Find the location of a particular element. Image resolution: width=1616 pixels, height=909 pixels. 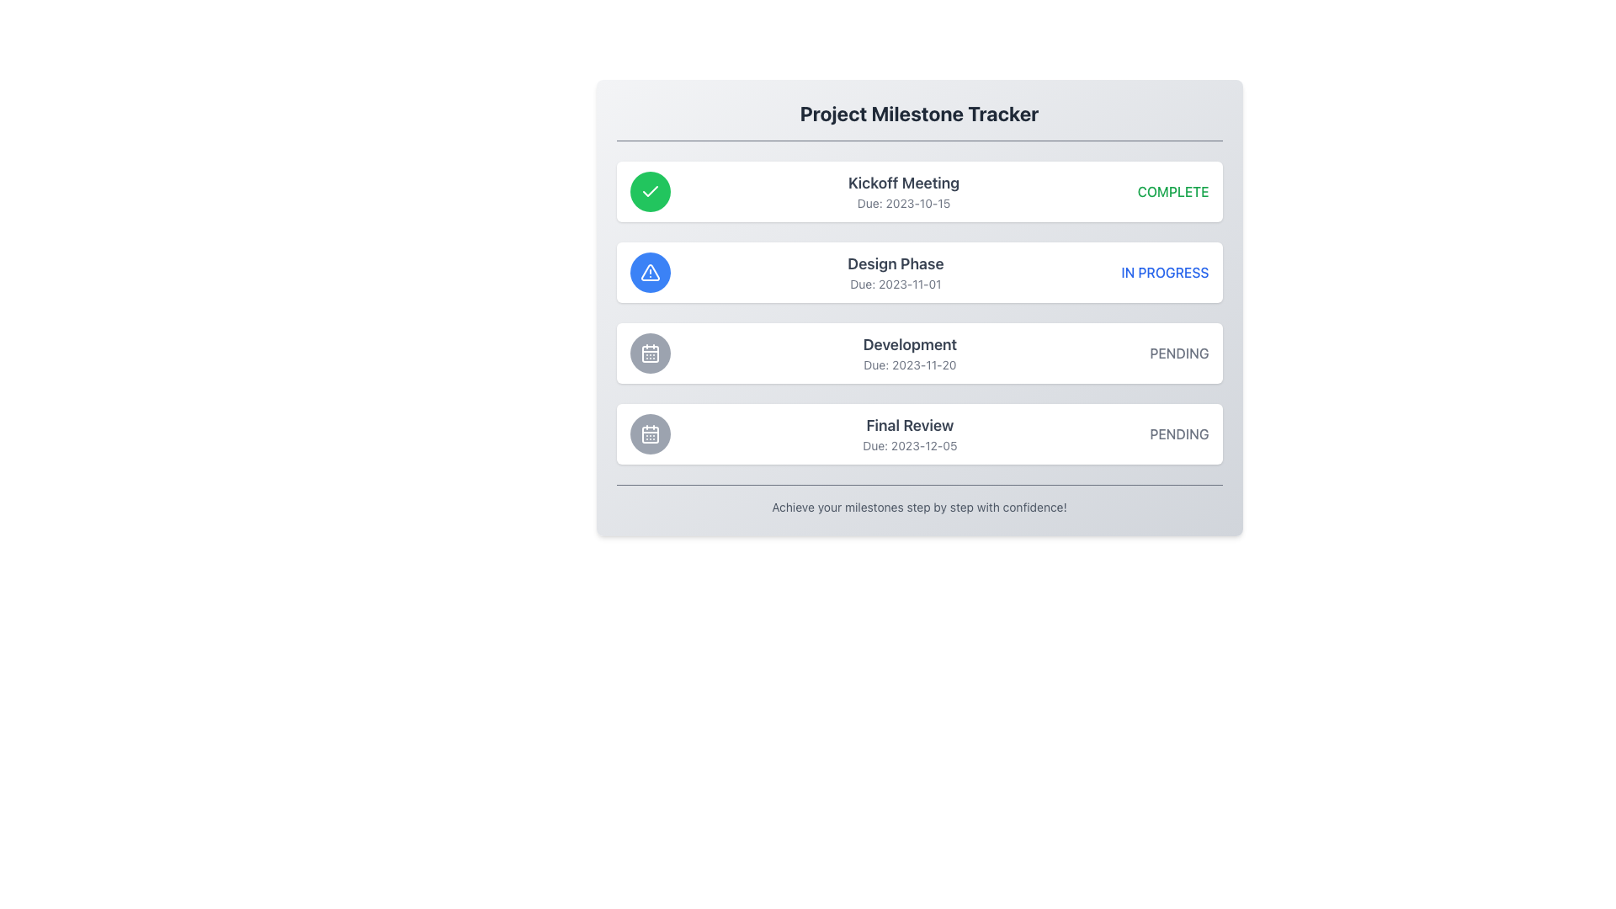

the milestone status icon located in the second row of the project milestone tracker interface, next to the 'Design Phase' label is located at coordinates (649, 272).